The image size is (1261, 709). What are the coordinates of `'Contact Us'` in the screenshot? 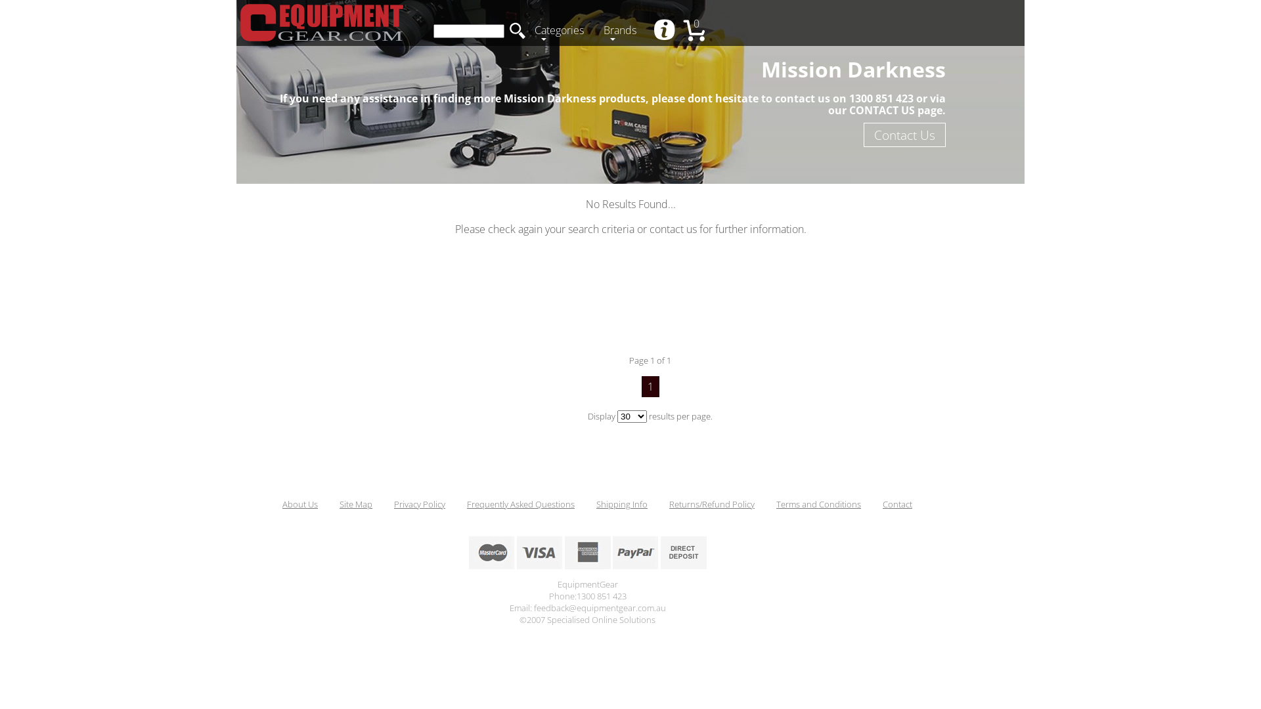 It's located at (904, 135).